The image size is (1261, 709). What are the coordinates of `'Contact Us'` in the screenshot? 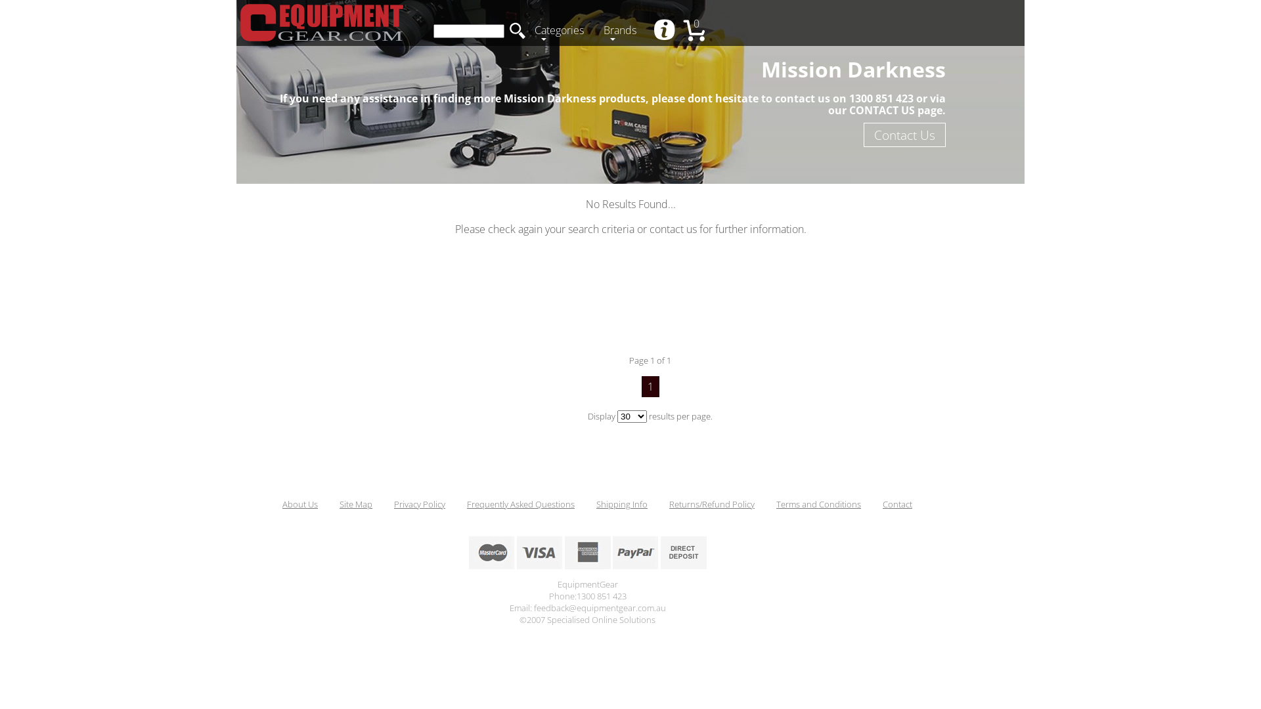 It's located at (904, 135).